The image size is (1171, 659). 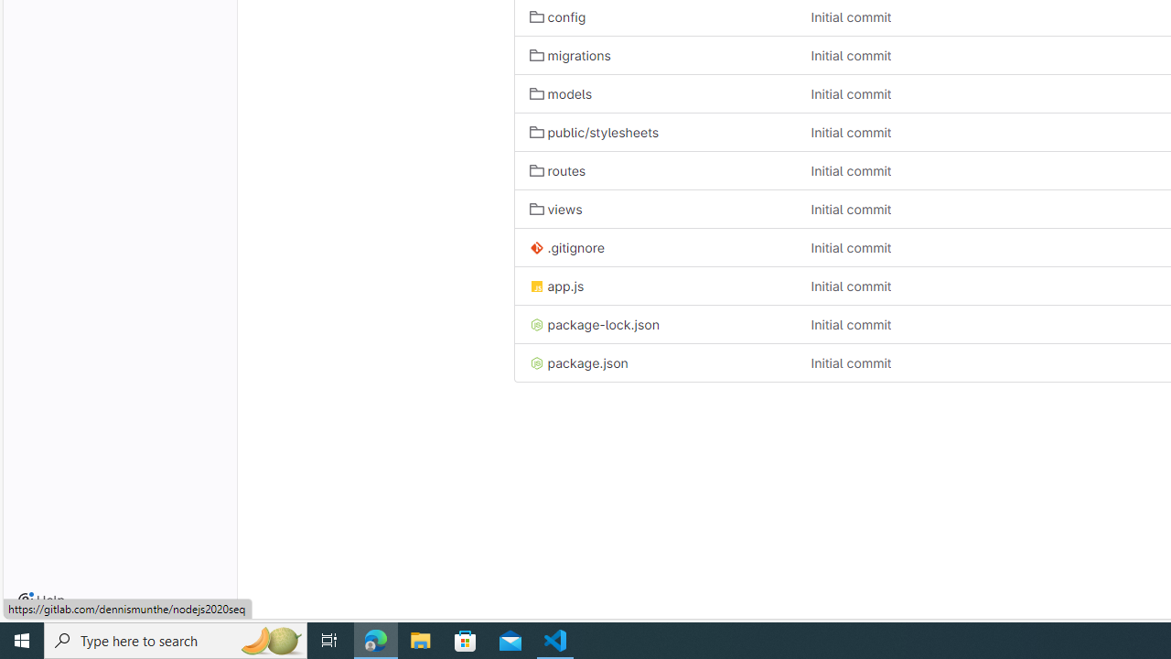 What do you see at coordinates (655, 362) in the screenshot?
I see `'package.json'` at bounding box center [655, 362].